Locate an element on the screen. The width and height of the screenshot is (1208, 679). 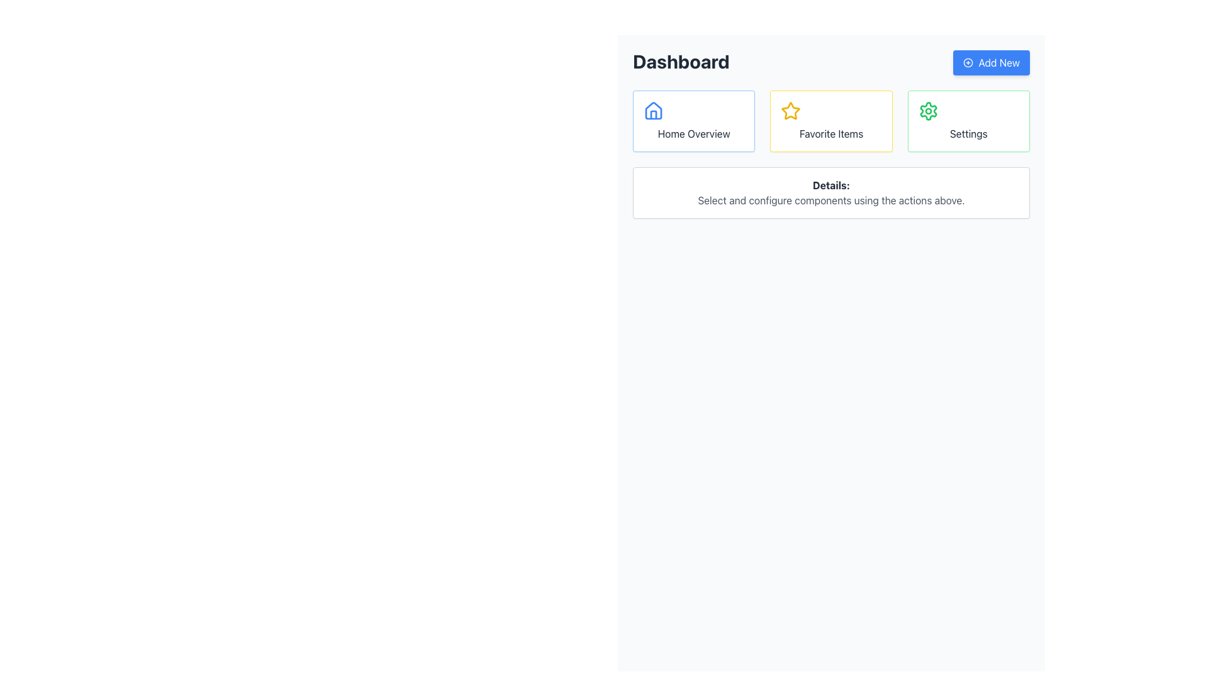
the settings icon located at the center of the 'Settings' button, which is the third button from the left under the 'Dashboard' heading is located at coordinates (928, 111).